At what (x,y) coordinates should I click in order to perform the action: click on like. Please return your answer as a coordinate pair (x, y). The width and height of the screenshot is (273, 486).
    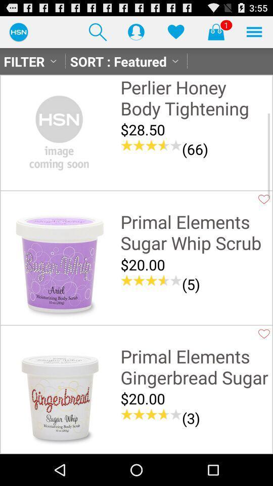
    Looking at the image, I should click on (264, 198).